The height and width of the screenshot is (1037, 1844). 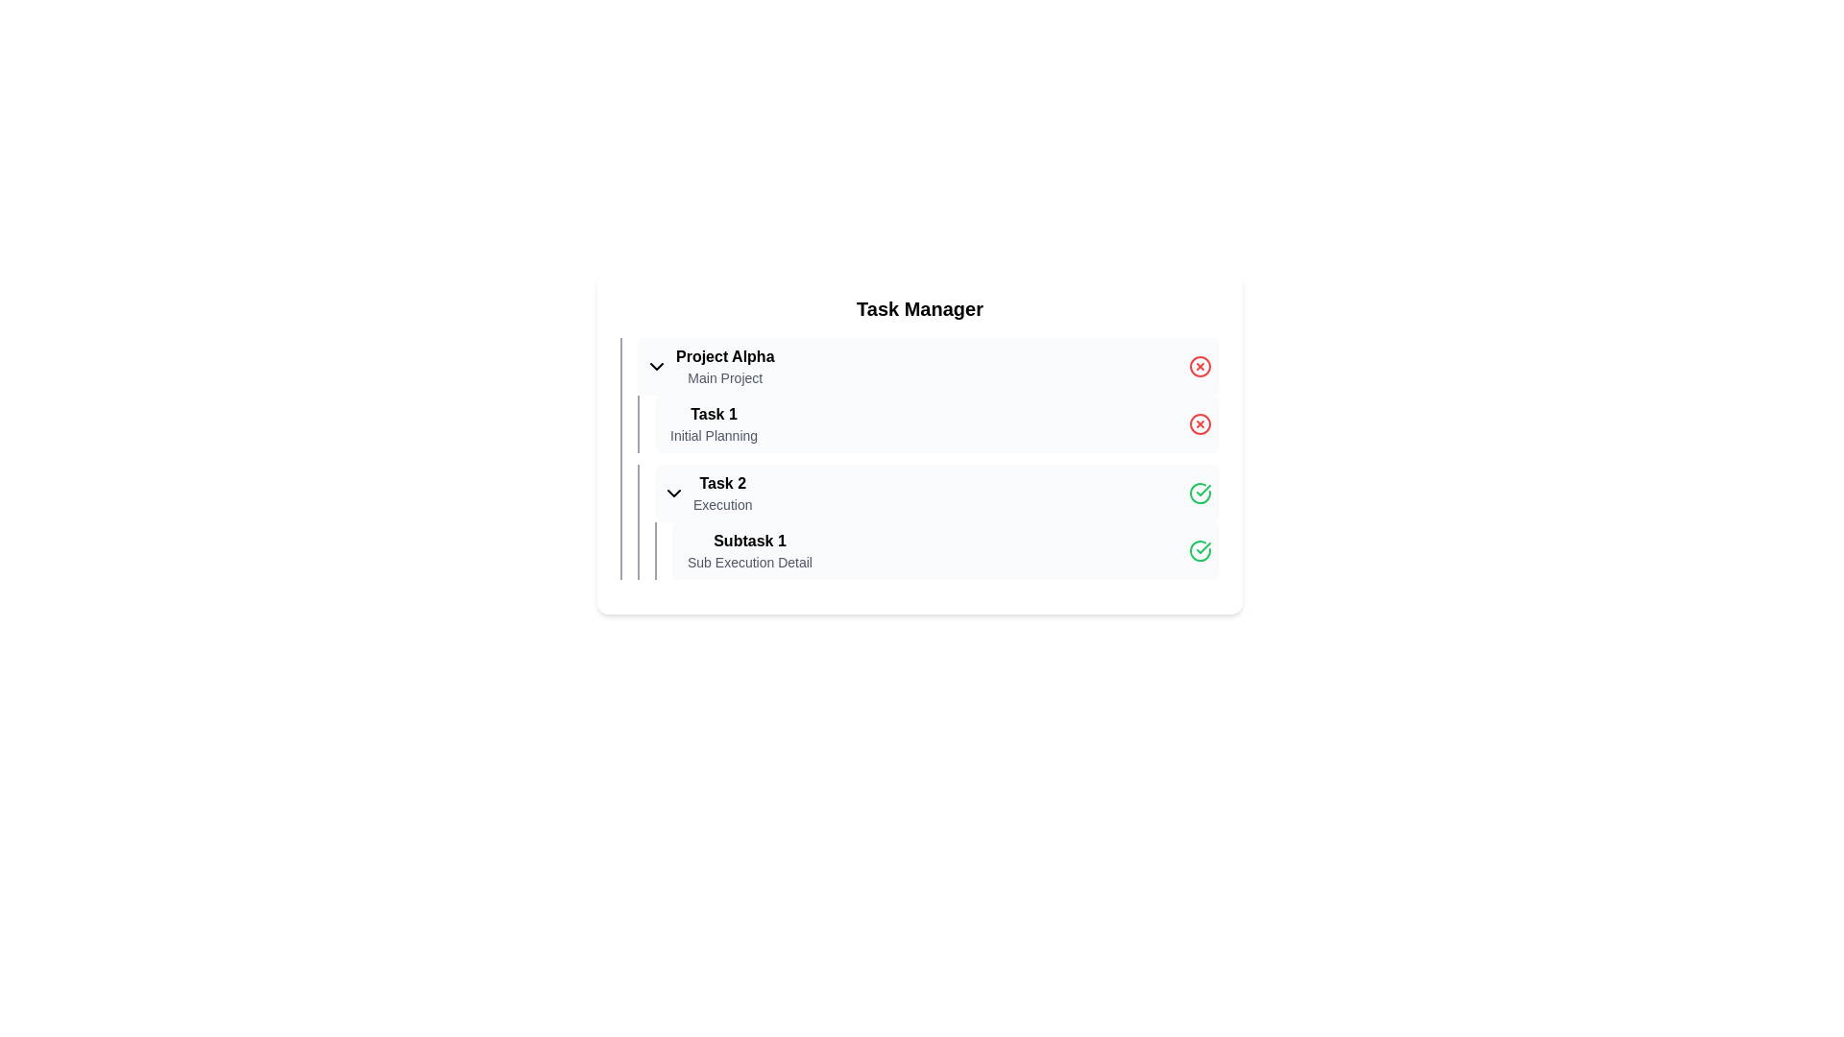 What do you see at coordinates (713, 423) in the screenshot?
I see `to select the task titled 'Task 1' from the hierarchical list under 'Project Alpha'` at bounding box center [713, 423].